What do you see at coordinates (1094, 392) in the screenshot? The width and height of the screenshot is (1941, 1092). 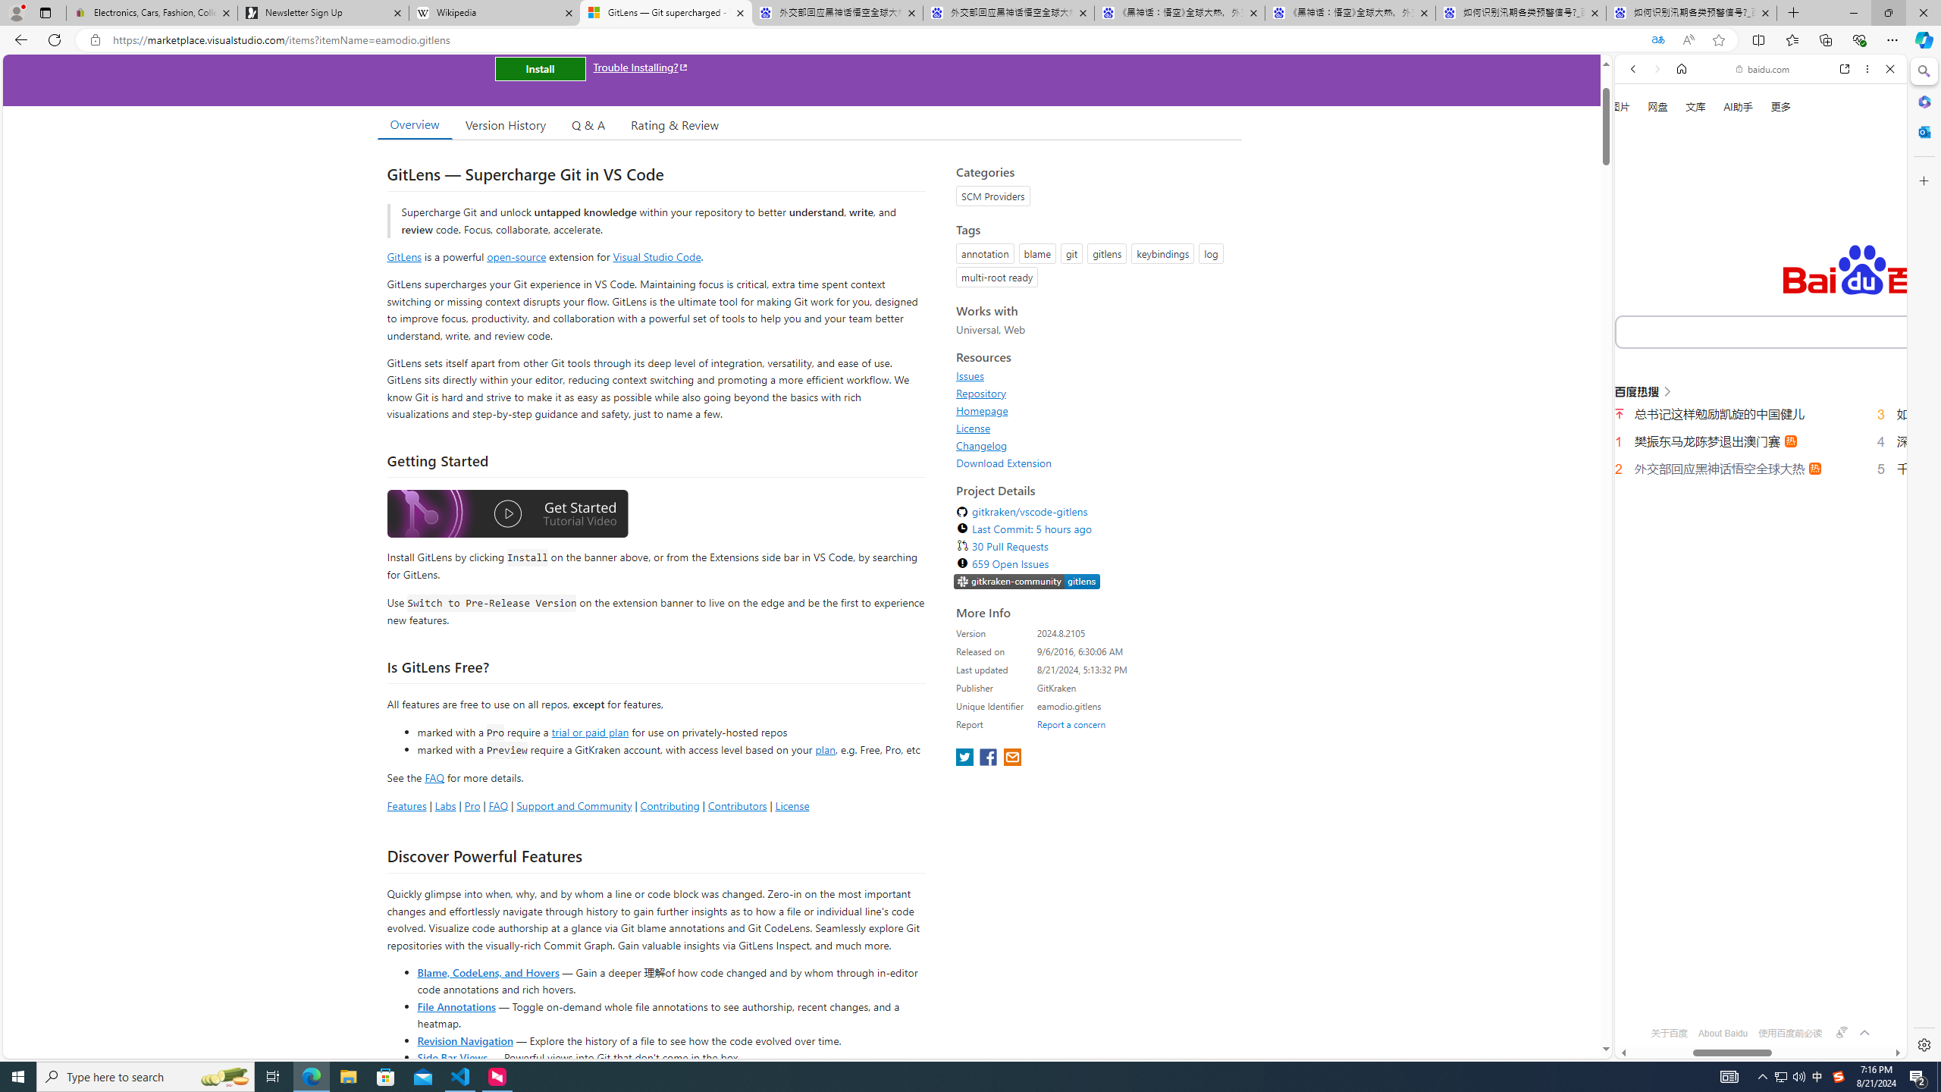 I see `'Repository'` at bounding box center [1094, 392].